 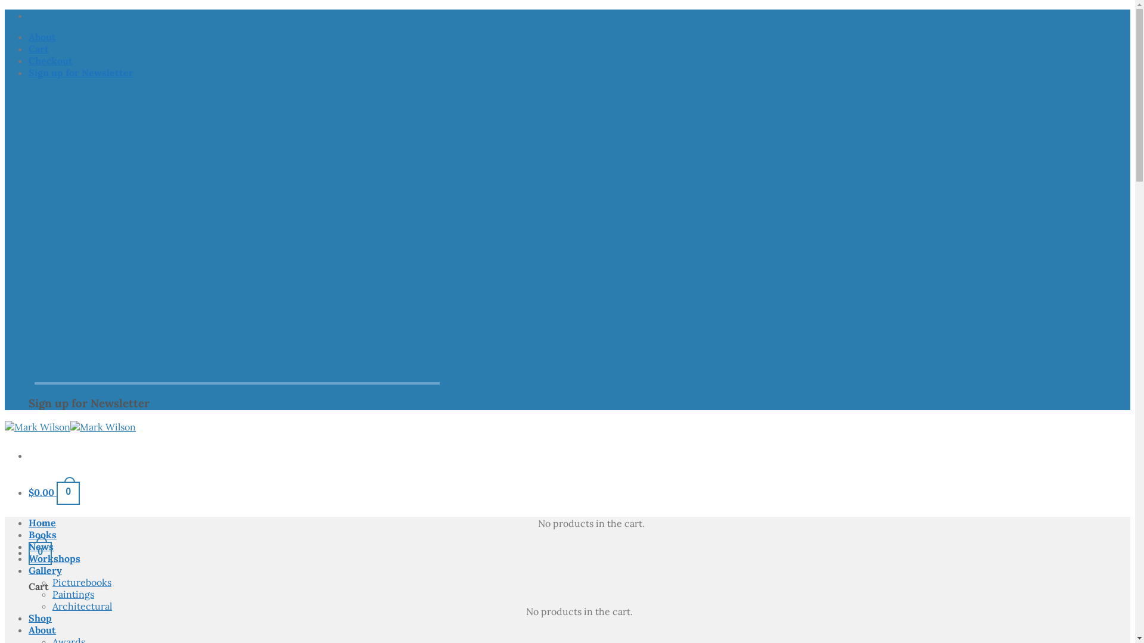 I want to click on 'Books', so click(x=42, y=534).